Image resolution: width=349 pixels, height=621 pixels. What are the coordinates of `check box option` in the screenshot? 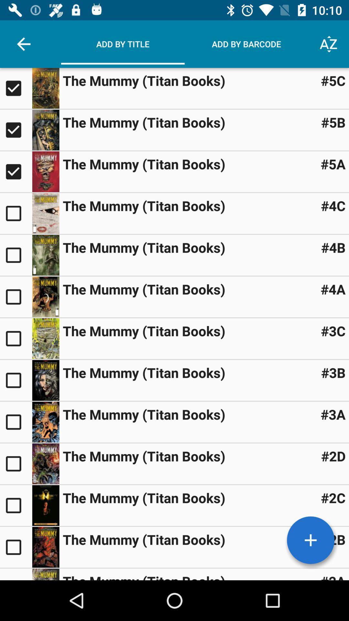 It's located at (16, 422).